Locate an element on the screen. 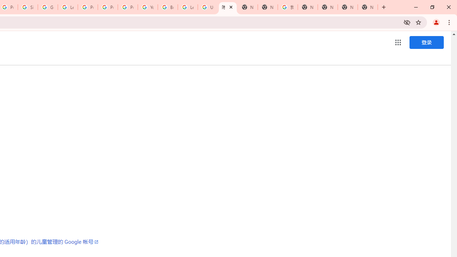  'Privacy Help Center - Policies Help' is located at coordinates (87, 7).